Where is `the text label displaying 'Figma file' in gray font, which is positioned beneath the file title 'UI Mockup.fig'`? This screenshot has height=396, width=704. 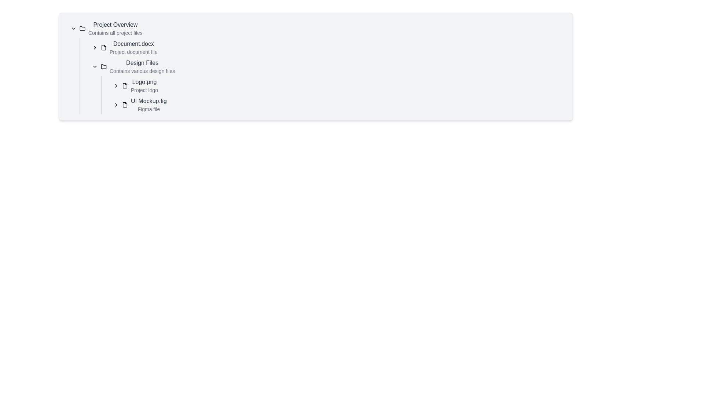
the text label displaying 'Figma file' in gray font, which is positioned beneath the file title 'UI Mockup.fig' is located at coordinates (148, 109).